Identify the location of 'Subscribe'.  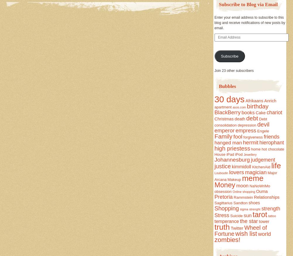
(229, 56).